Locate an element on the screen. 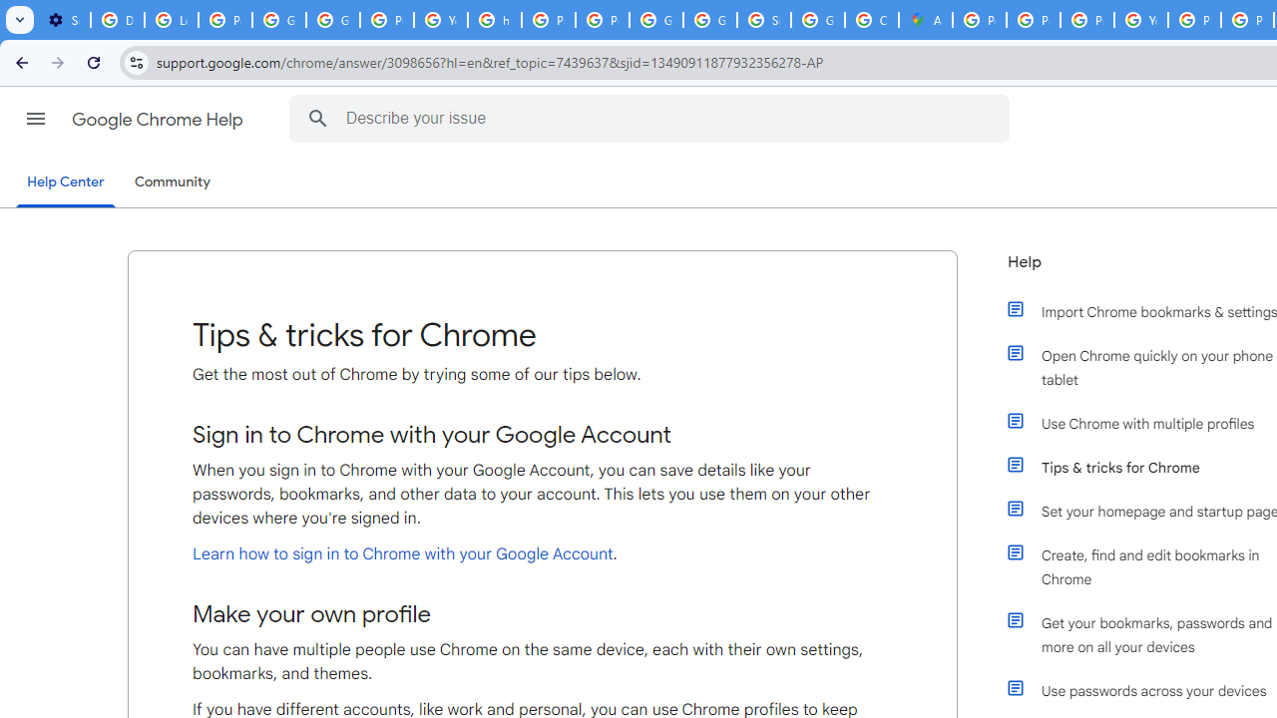  'Privacy Help Center - Policies Help' is located at coordinates (1085, 20).